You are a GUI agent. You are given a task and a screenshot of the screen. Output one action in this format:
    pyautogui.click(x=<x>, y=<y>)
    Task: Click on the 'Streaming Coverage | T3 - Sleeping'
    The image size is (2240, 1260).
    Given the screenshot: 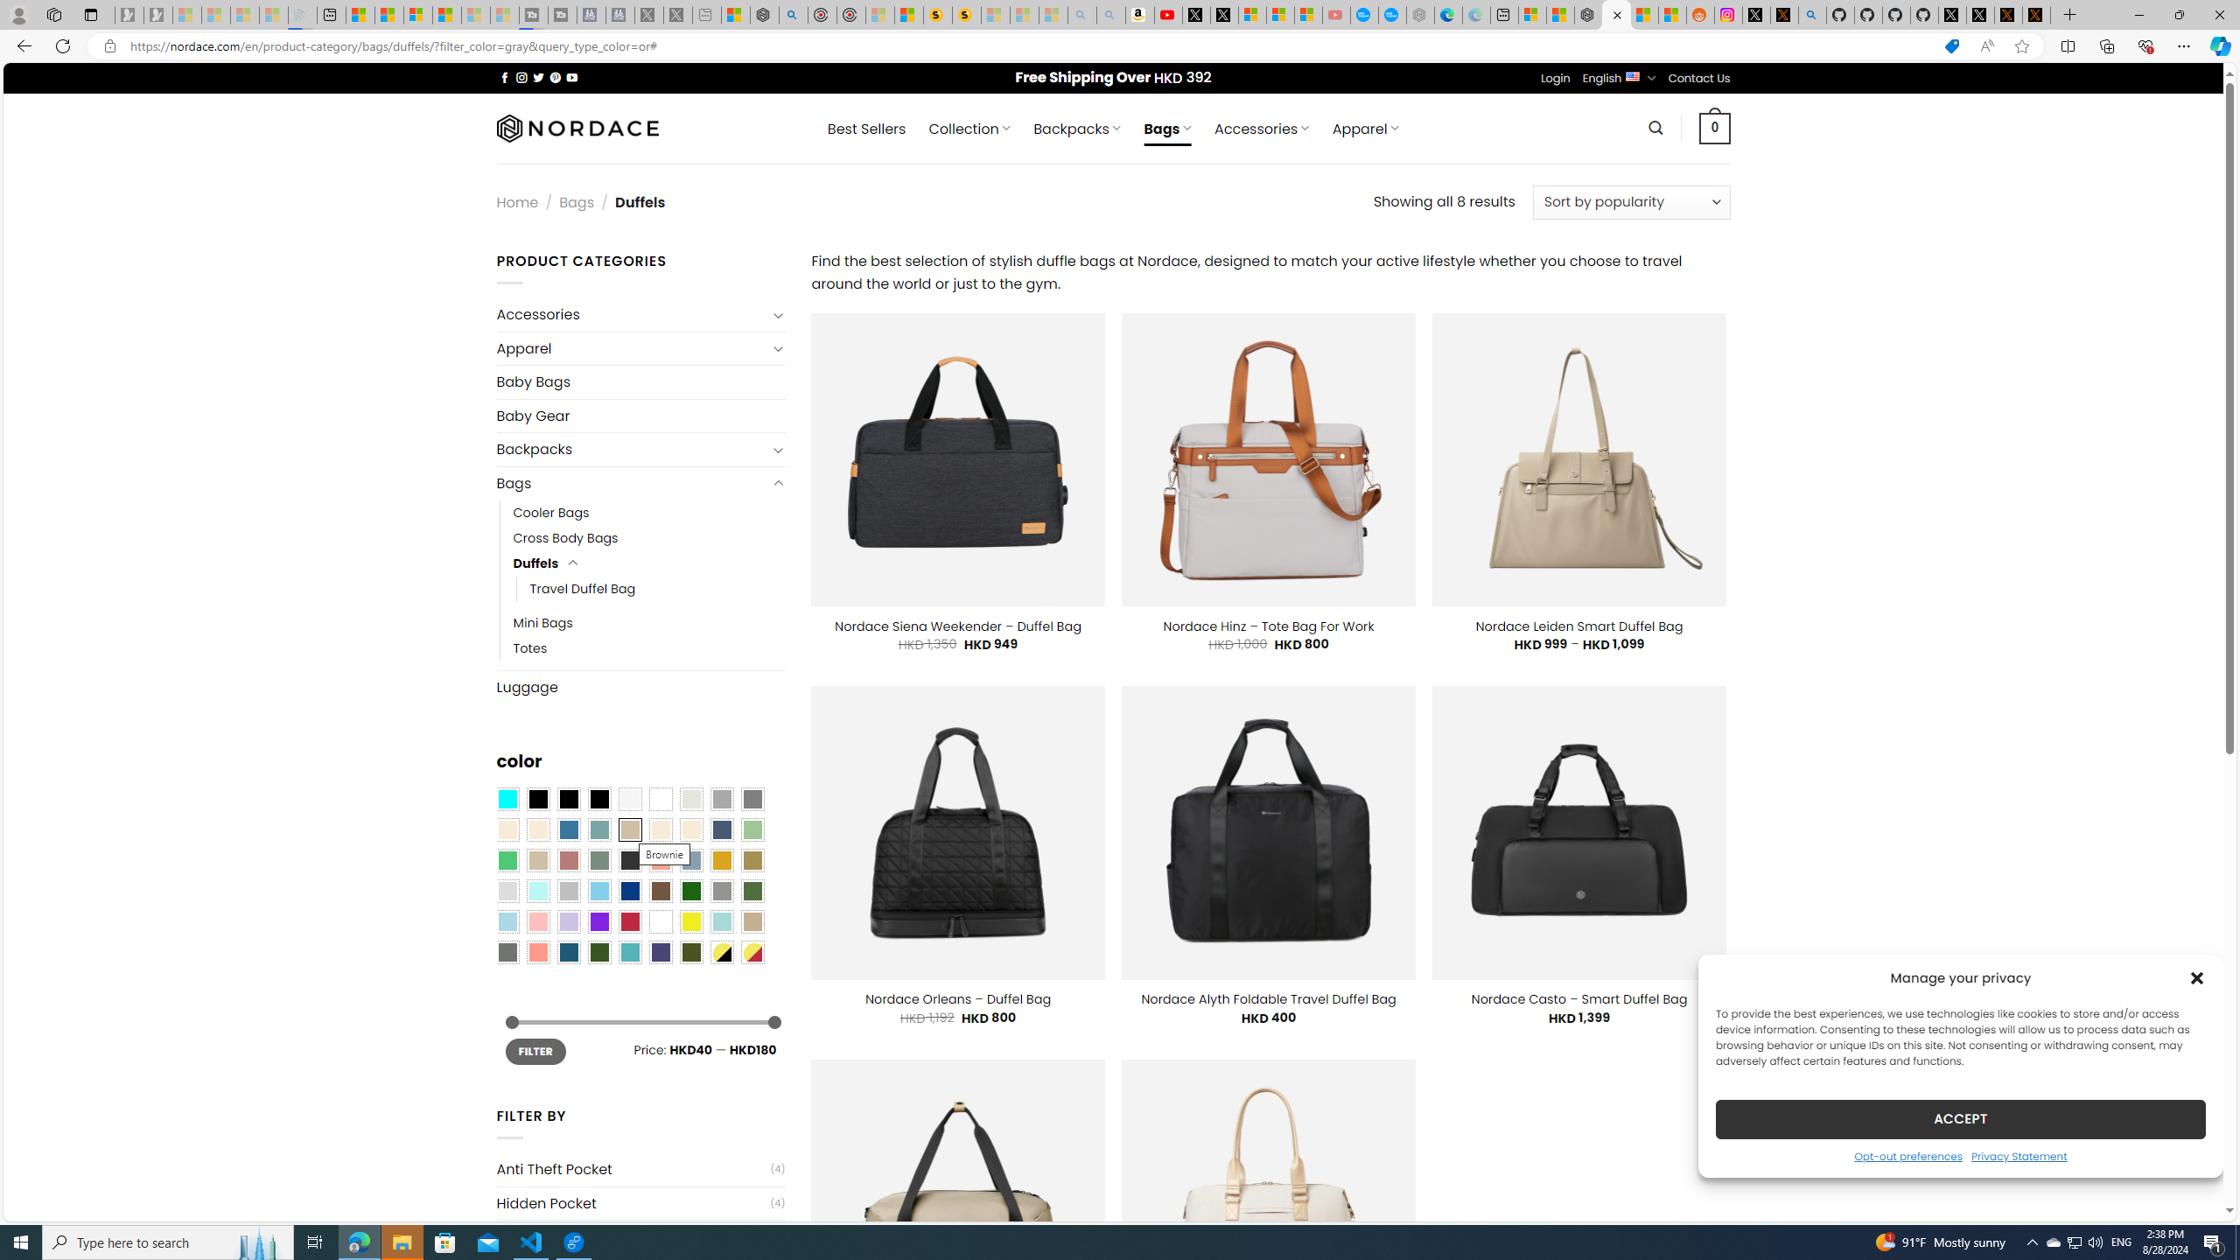 What is the action you would take?
    pyautogui.click(x=534, y=14)
    